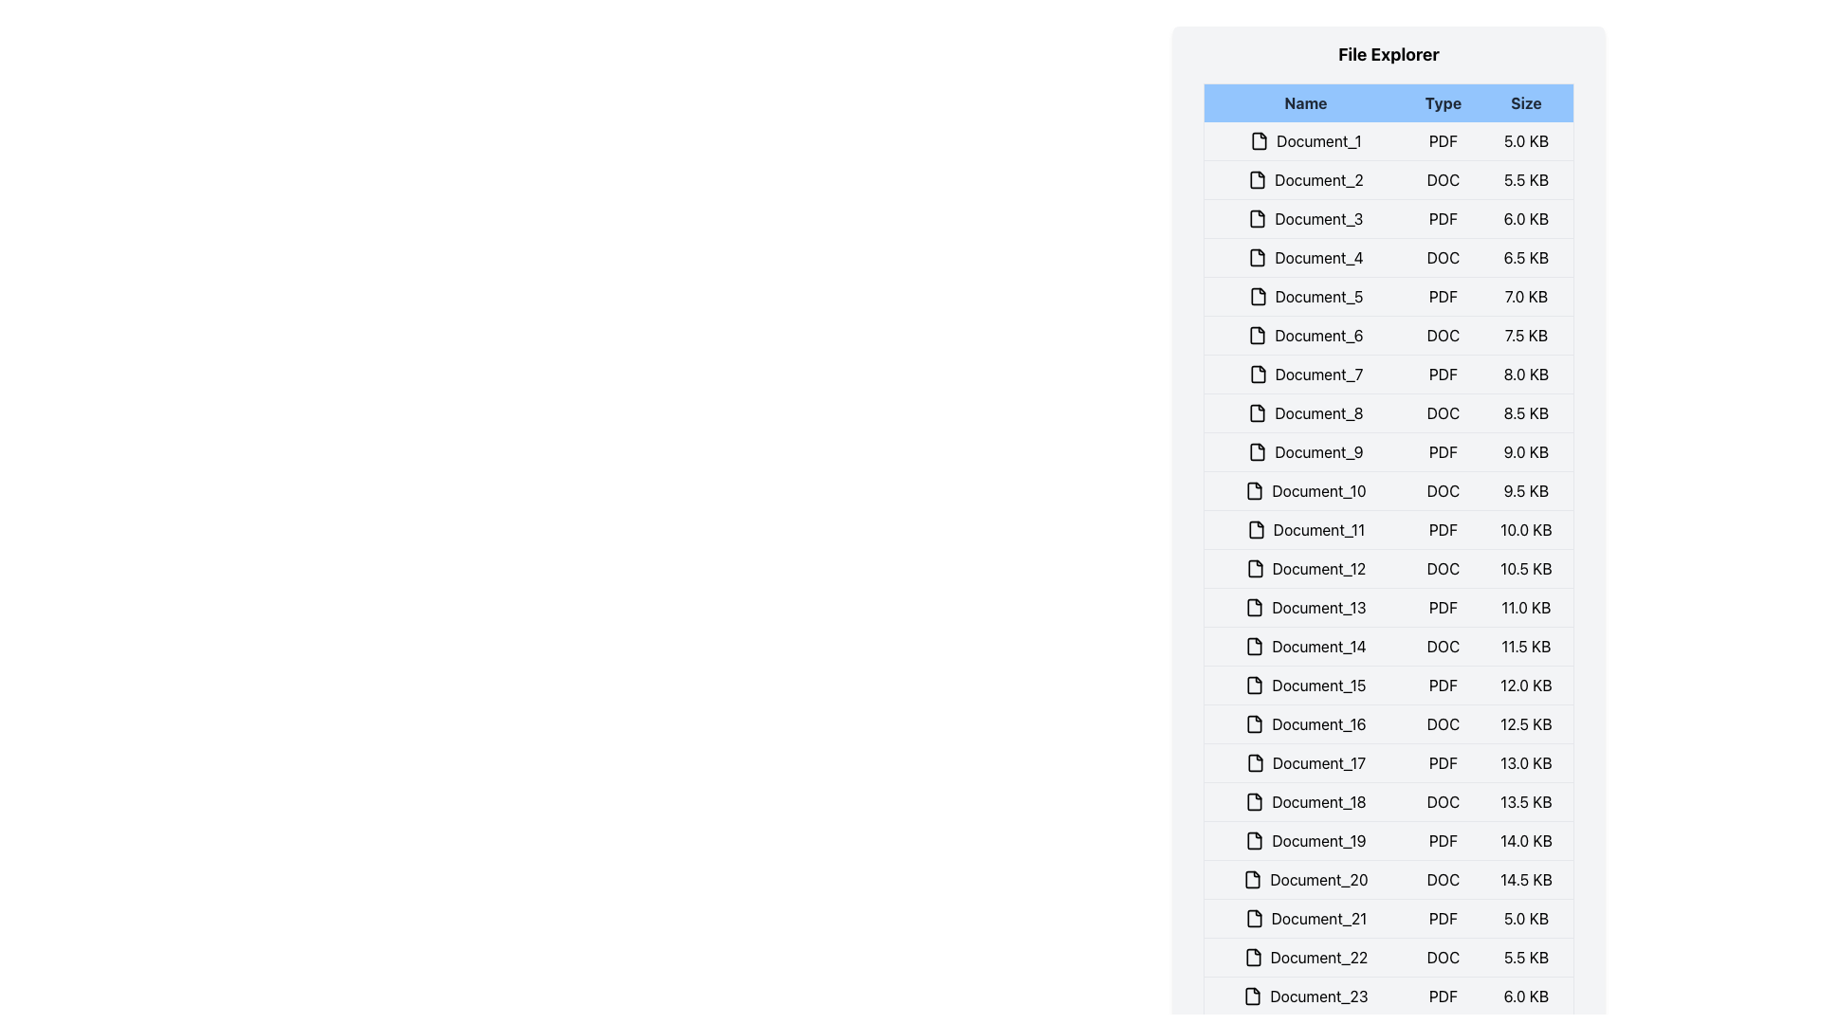 The image size is (1821, 1024). I want to click on the Text Label indicating the file type 'PDF' for the row labeled 'Document_23' located in the 'Type' column, so click(1442, 995).